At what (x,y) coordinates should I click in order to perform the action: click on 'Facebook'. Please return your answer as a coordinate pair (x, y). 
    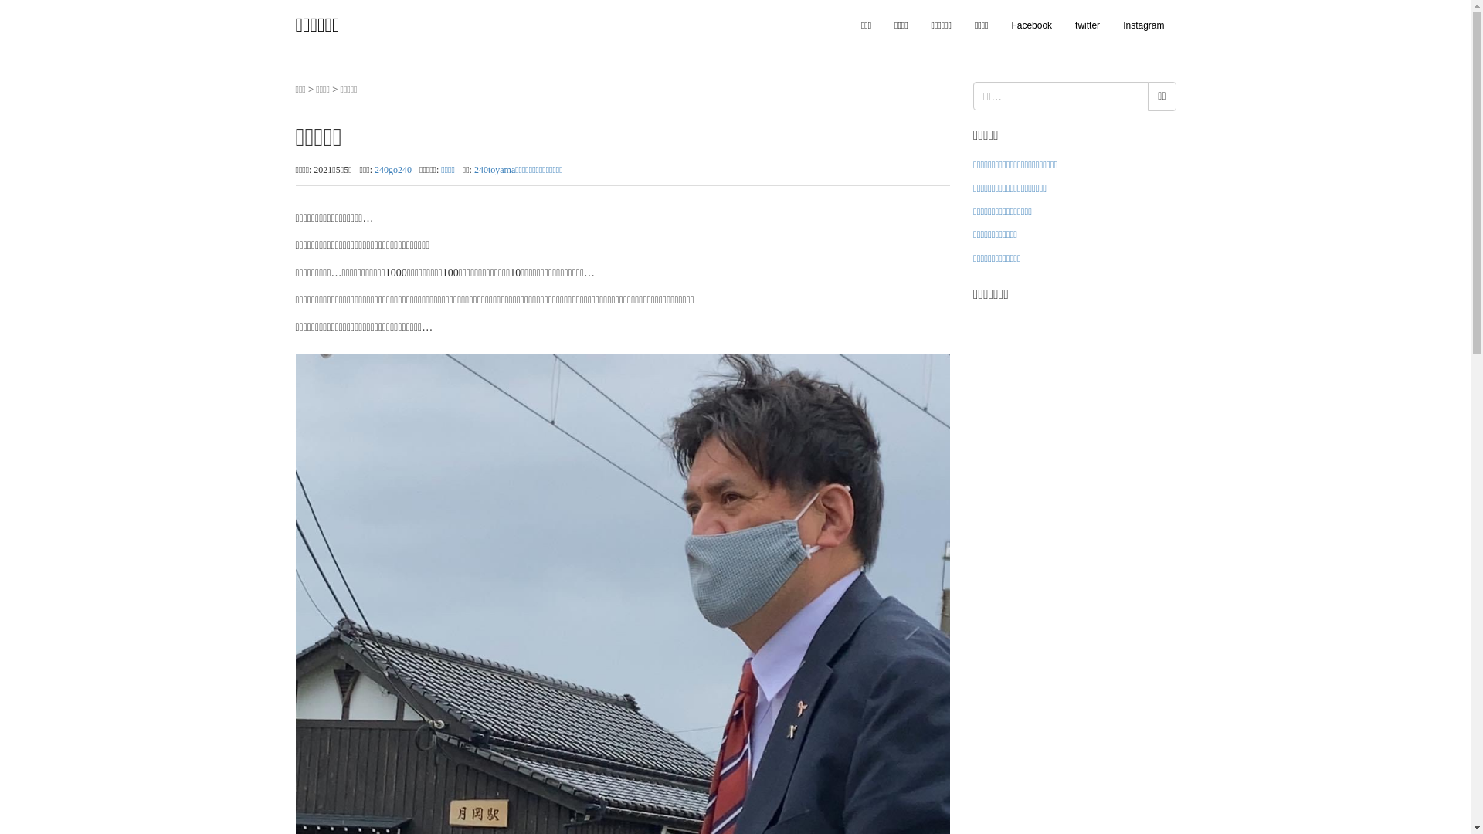
    Looking at the image, I should click on (999, 25).